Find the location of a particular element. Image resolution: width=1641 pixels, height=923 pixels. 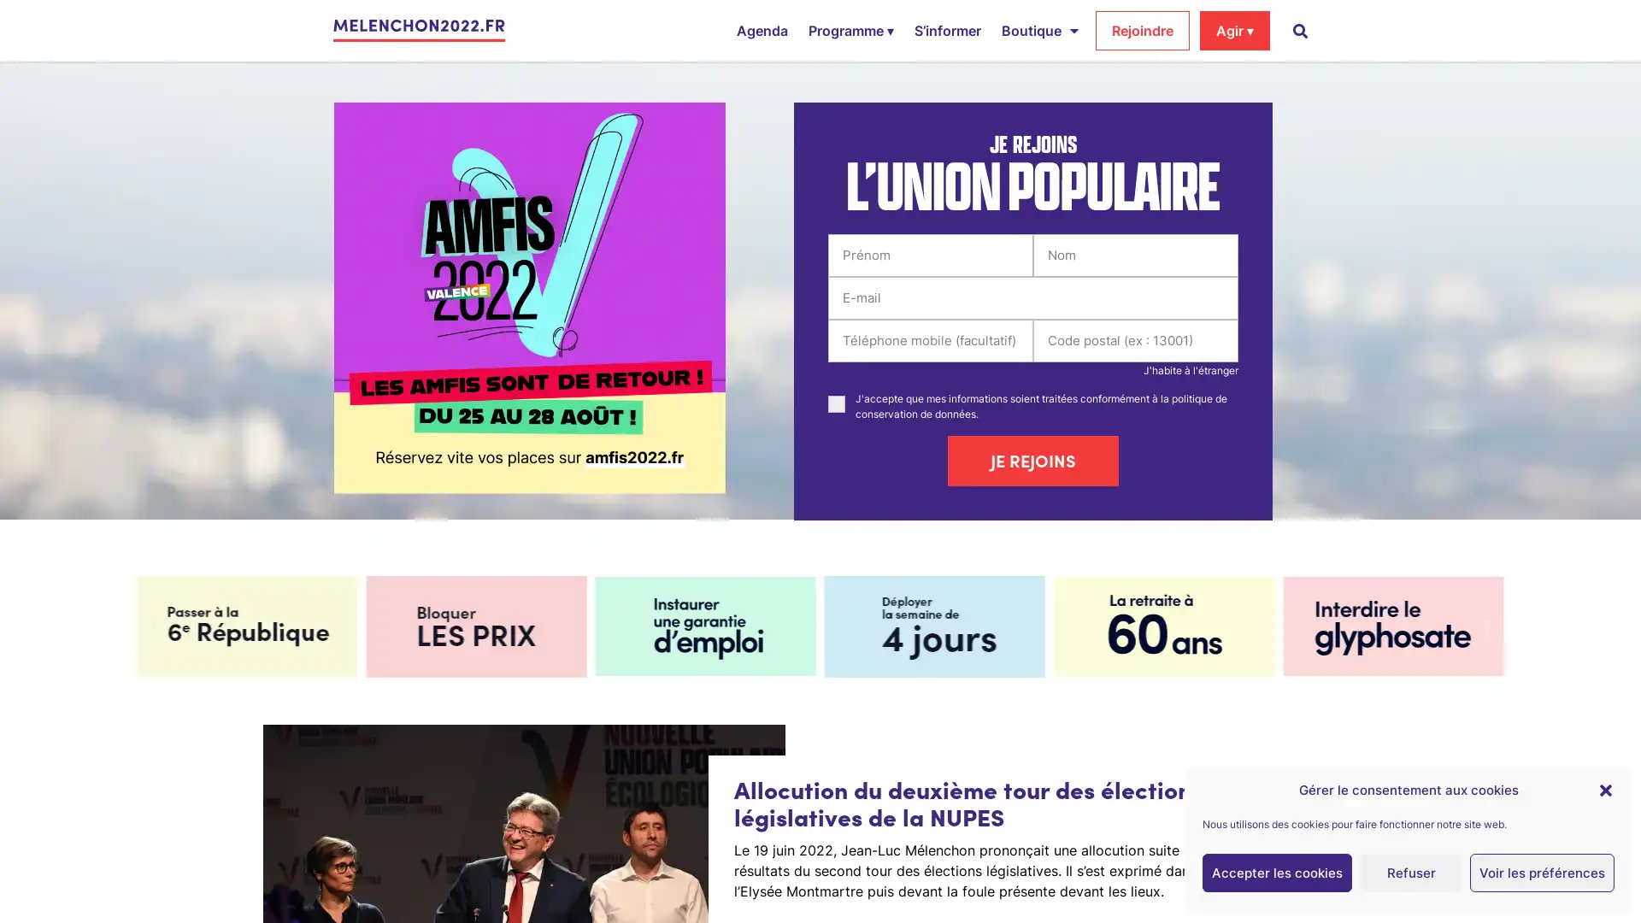

Accepter les cookies is located at coordinates (1277, 873).